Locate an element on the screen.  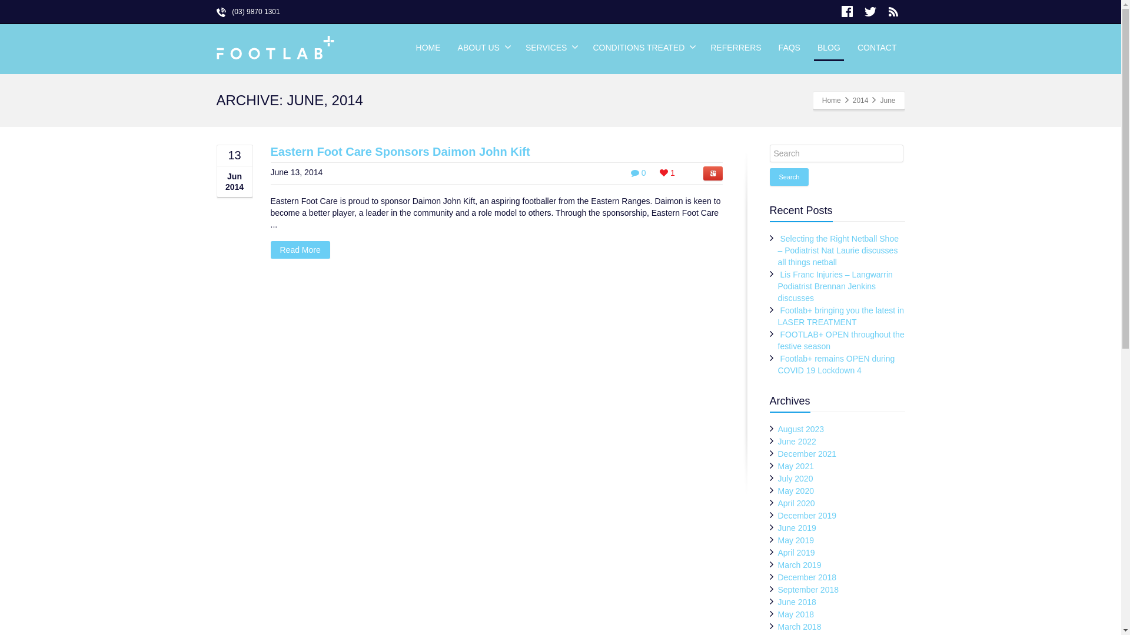
'December 2019' is located at coordinates (807, 514).